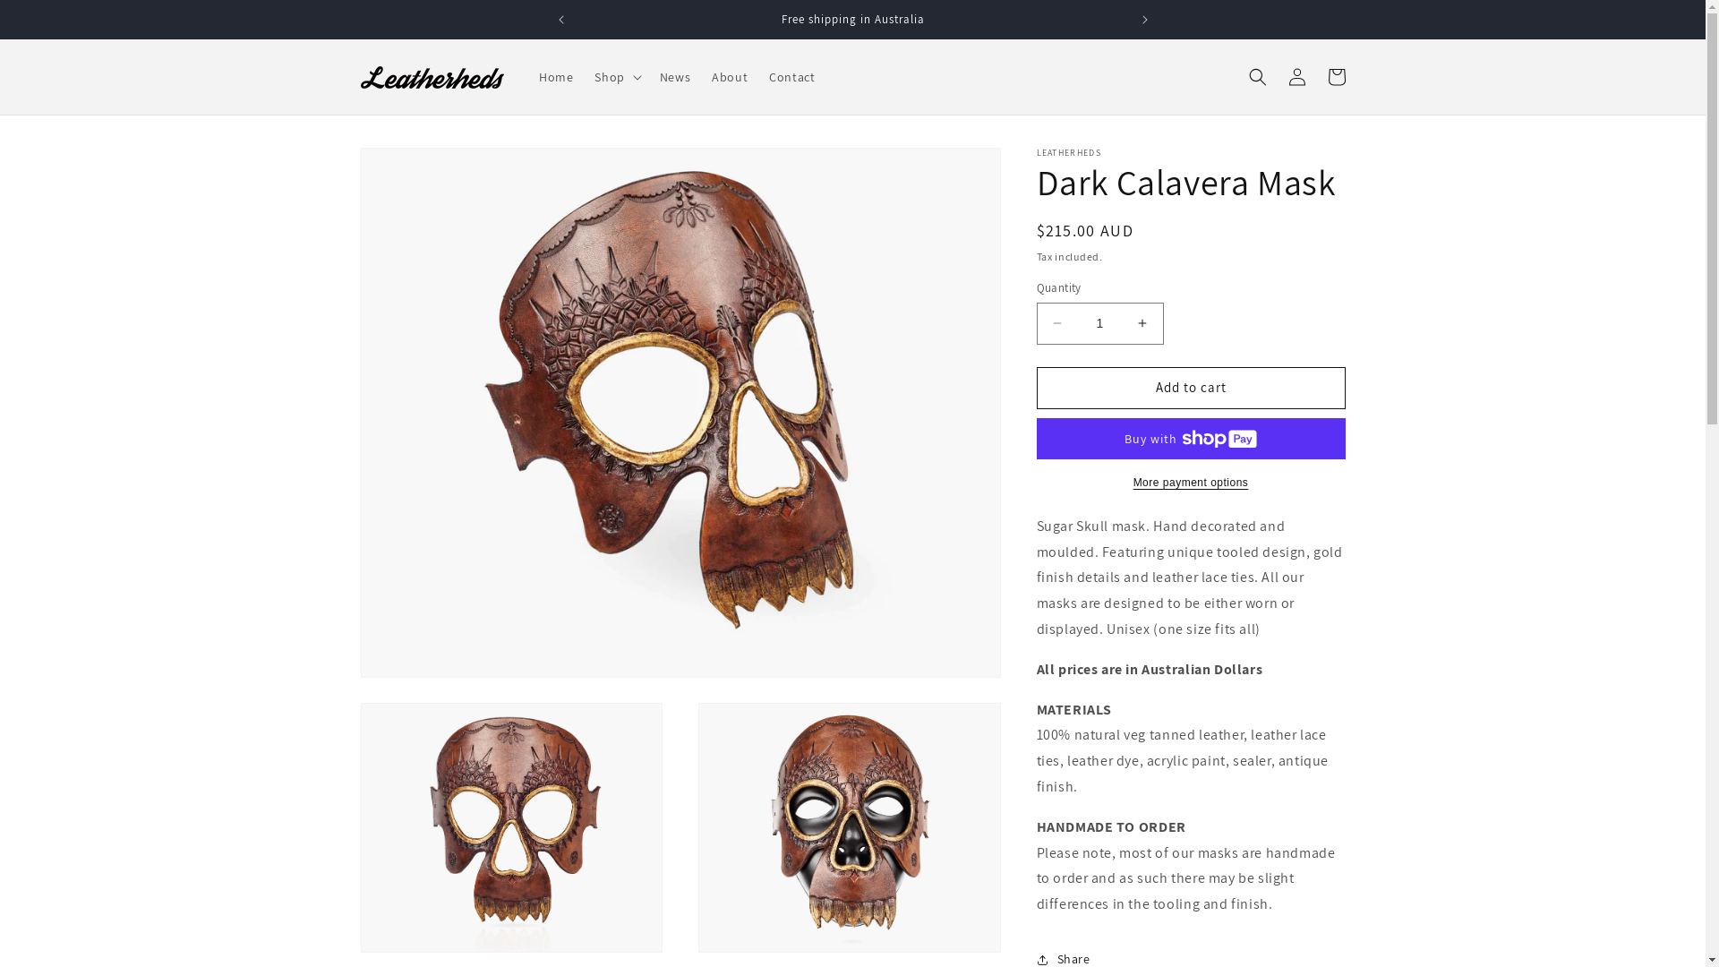  I want to click on 'Contact', so click(757, 75).